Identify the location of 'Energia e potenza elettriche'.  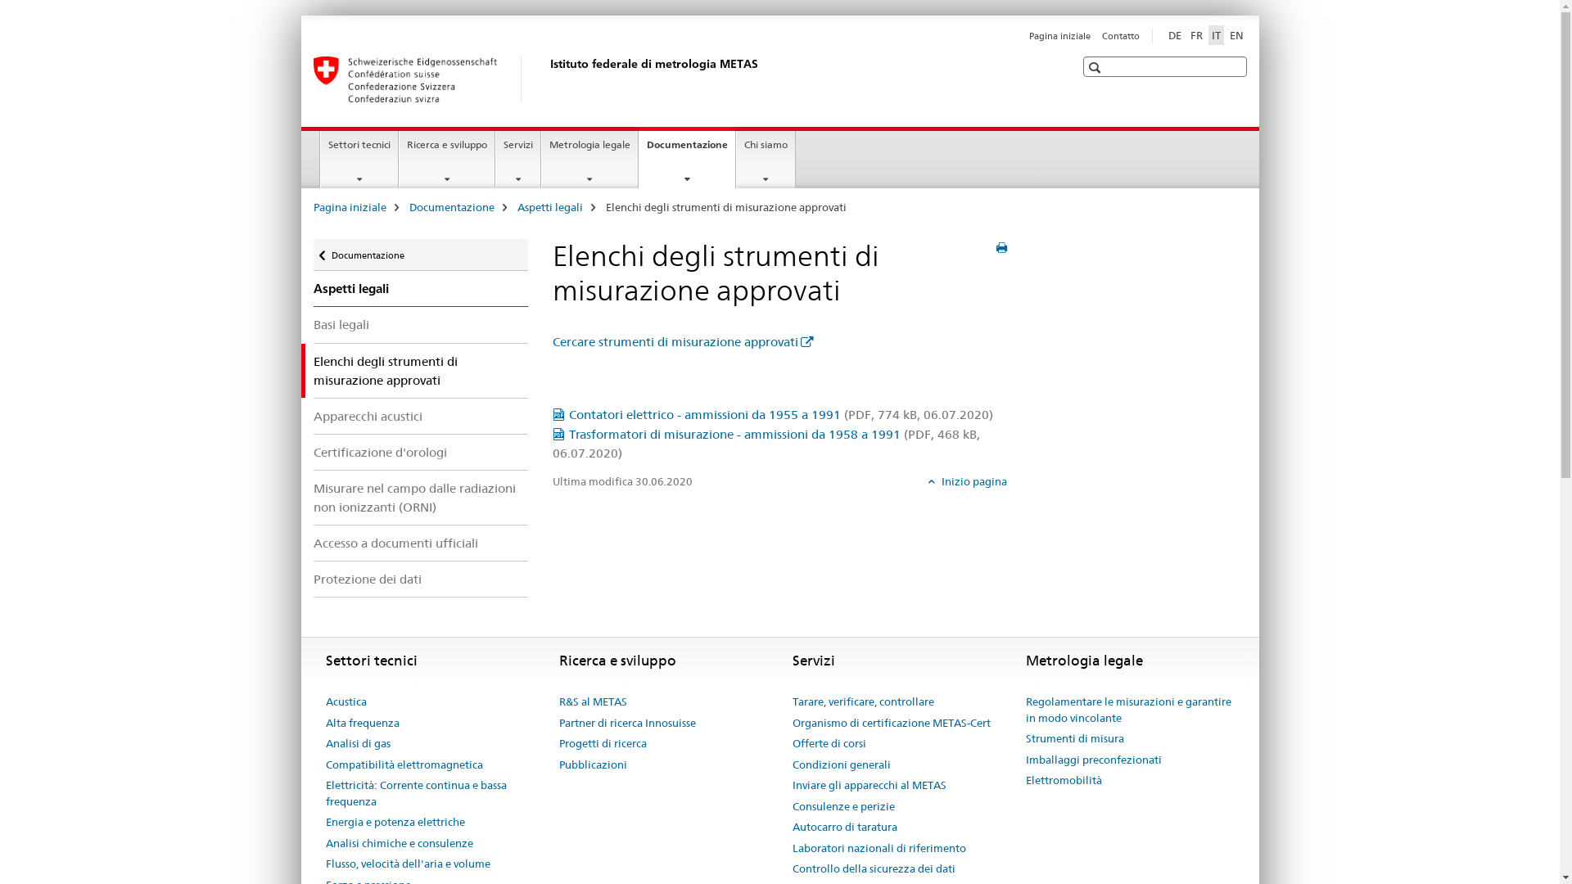
(395, 823).